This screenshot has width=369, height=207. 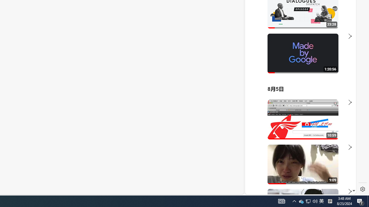 What do you see at coordinates (326, 127) in the screenshot?
I see `'Actions for this site'` at bounding box center [326, 127].